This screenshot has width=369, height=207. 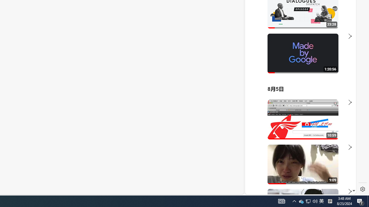 What do you see at coordinates (326, 127) in the screenshot?
I see `'Actions for this site'` at bounding box center [326, 127].